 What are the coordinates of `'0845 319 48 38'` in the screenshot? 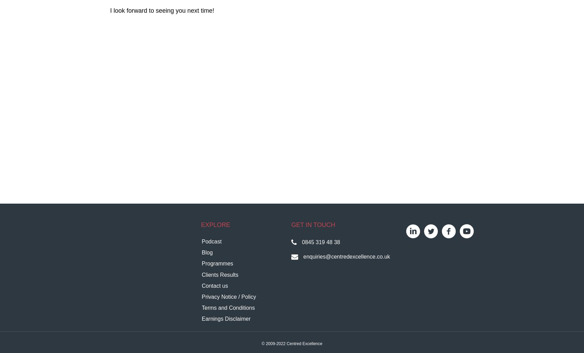 It's located at (321, 242).